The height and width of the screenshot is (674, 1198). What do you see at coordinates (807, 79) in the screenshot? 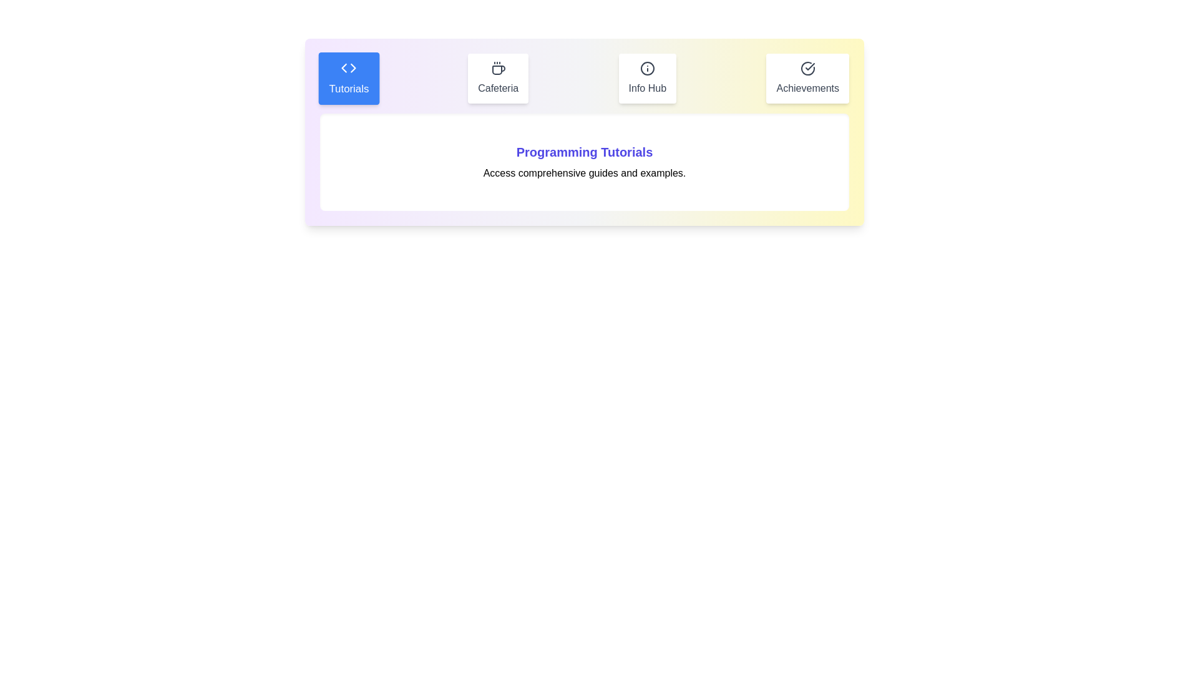
I see `the tab labeled Achievements` at bounding box center [807, 79].